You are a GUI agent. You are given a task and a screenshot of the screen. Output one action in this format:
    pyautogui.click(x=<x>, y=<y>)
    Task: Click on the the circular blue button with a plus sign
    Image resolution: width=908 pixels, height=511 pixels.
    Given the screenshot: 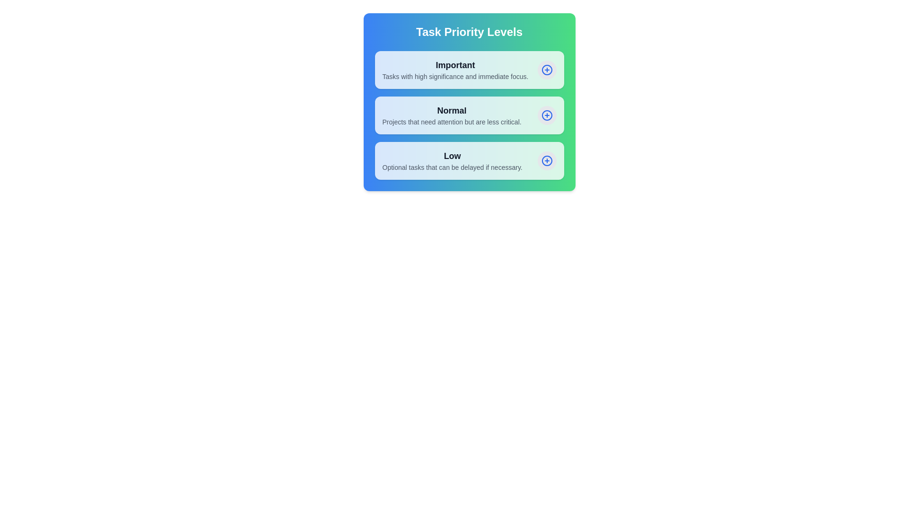 What is the action you would take?
    pyautogui.click(x=547, y=115)
    